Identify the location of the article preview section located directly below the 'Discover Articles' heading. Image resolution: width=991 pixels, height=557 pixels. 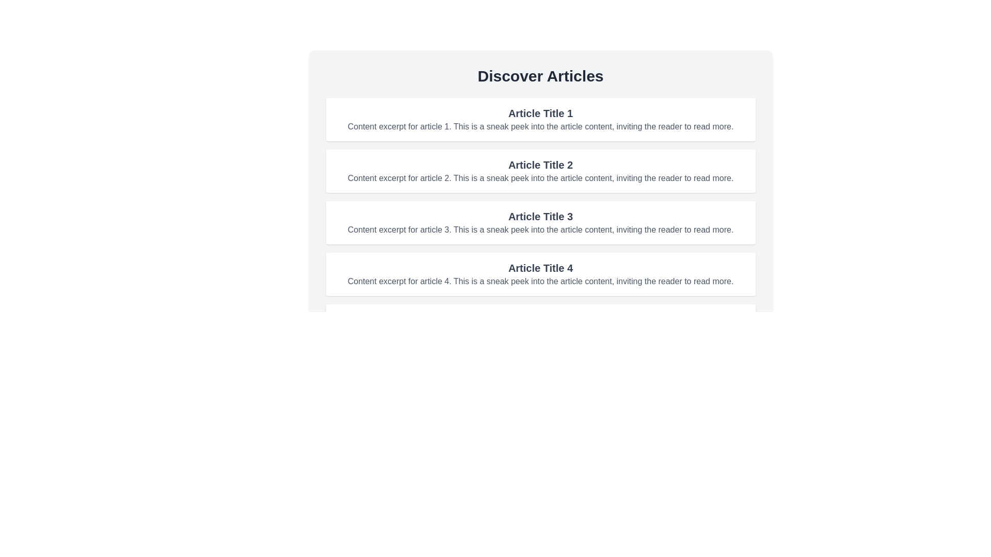
(540, 119).